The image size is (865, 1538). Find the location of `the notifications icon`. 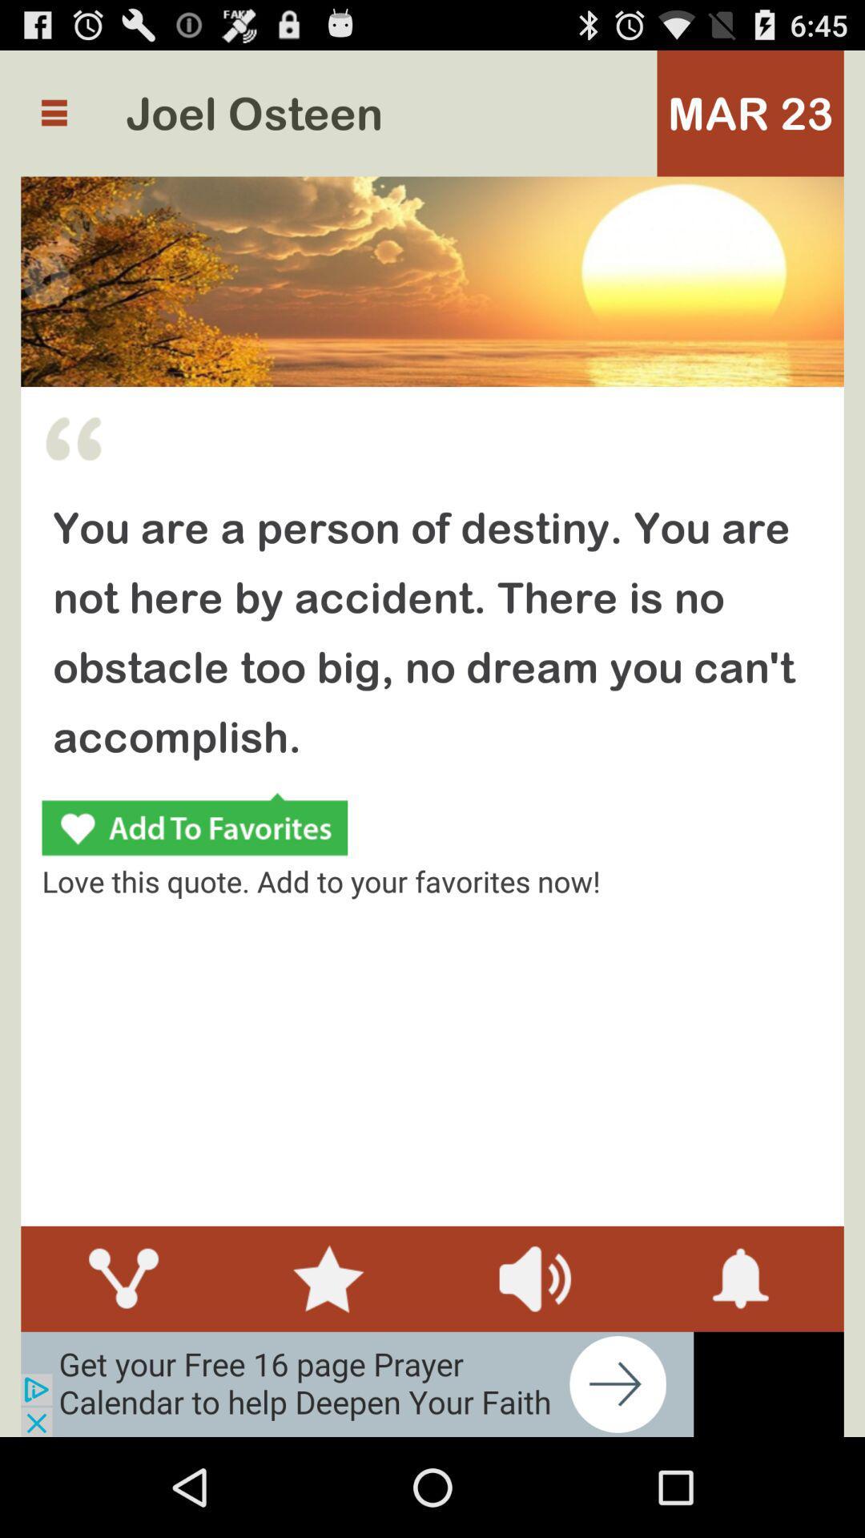

the notifications icon is located at coordinates (741, 1367).